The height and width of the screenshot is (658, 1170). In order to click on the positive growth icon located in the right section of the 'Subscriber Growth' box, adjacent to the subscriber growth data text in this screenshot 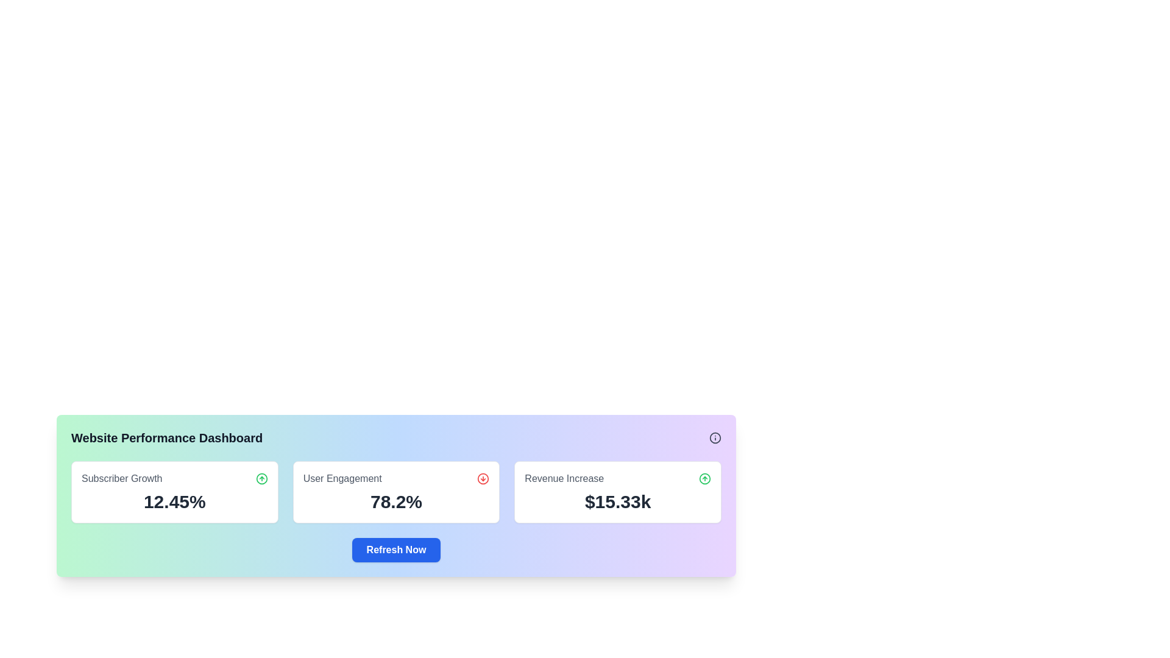, I will do `click(261, 478)`.